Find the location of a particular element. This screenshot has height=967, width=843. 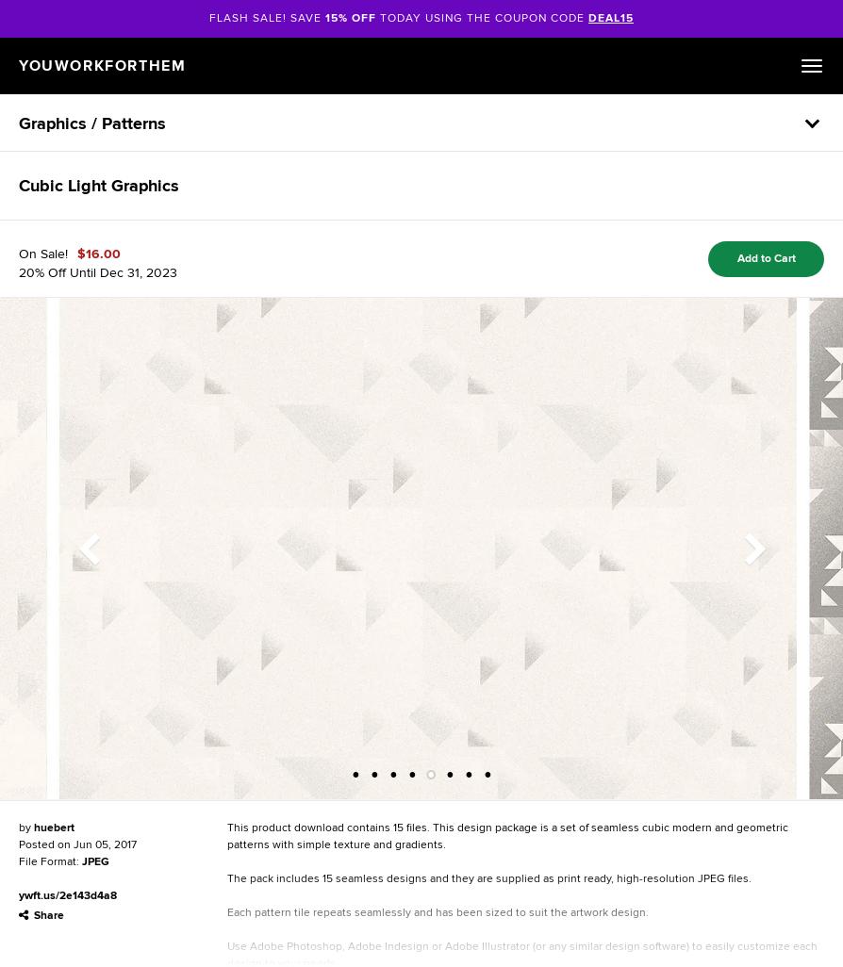

'/ patterns' is located at coordinates (128, 123).